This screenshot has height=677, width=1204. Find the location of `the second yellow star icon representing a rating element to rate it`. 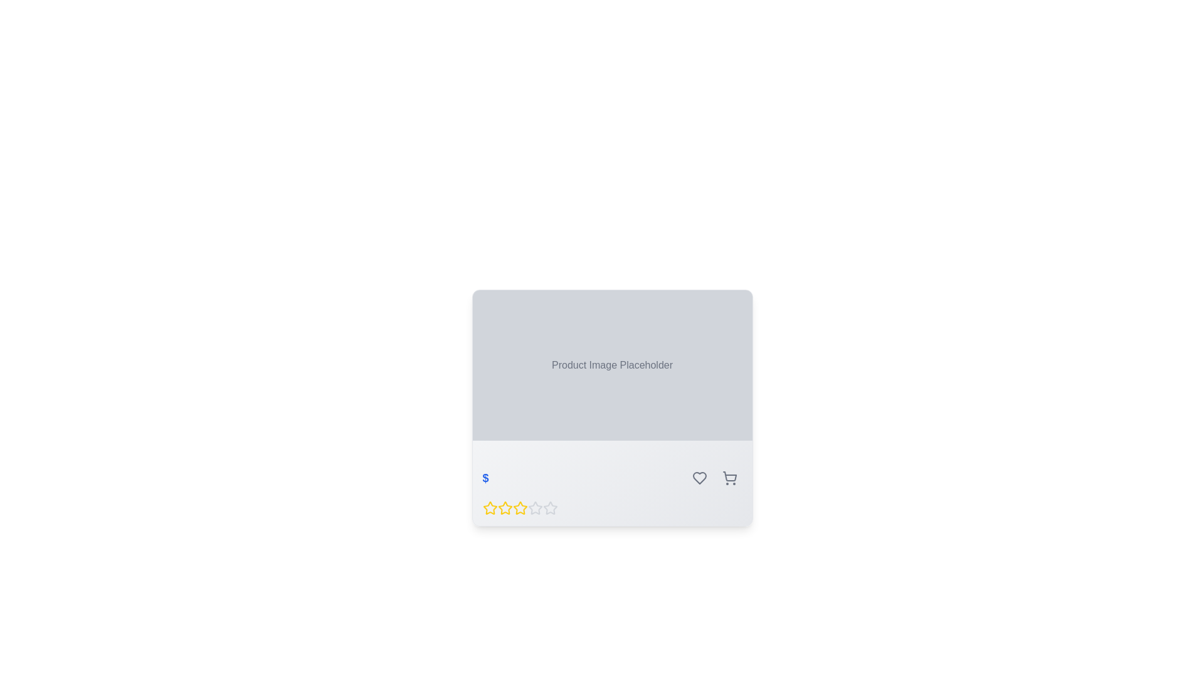

the second yellow star icon representing a rating element to rate it is located at coordinates (505, 508).